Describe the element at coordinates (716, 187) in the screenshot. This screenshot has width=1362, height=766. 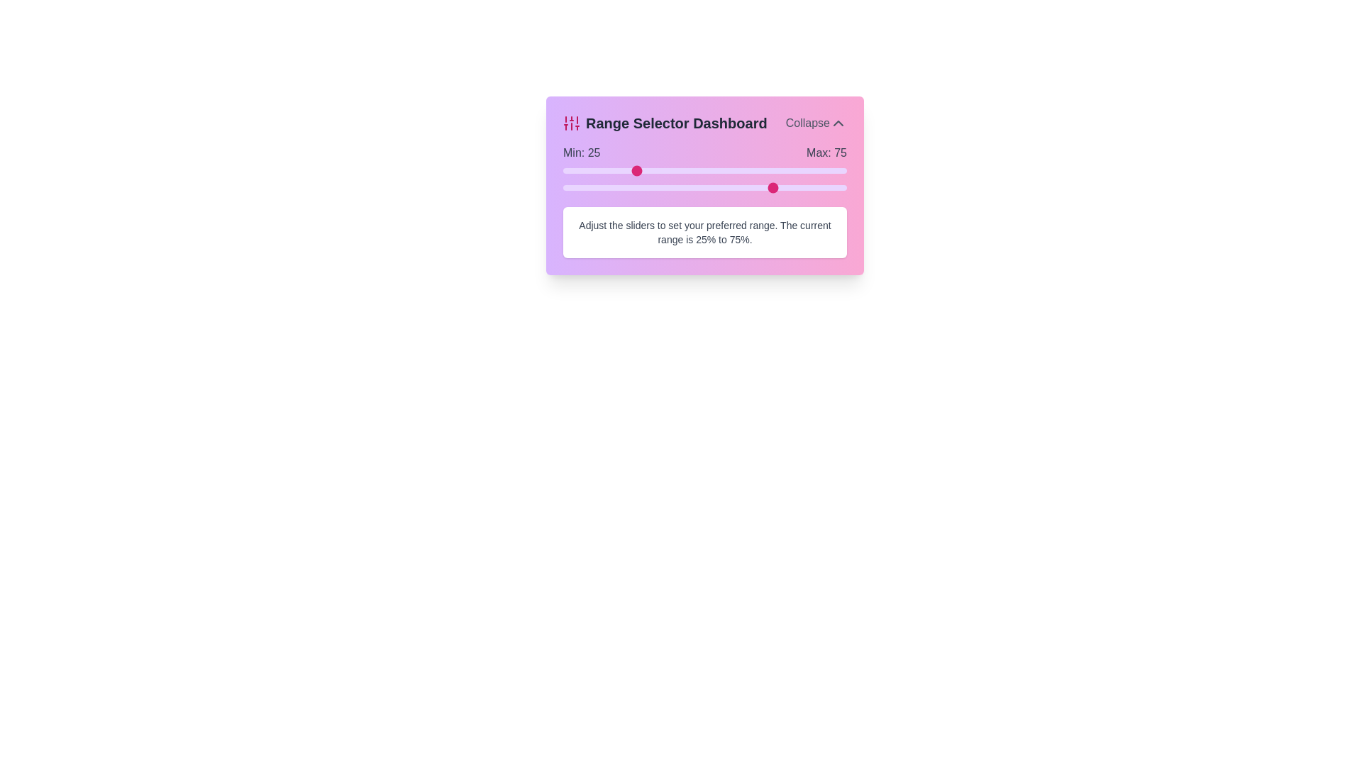
I see `the maximum range slider to 54%` at that location.